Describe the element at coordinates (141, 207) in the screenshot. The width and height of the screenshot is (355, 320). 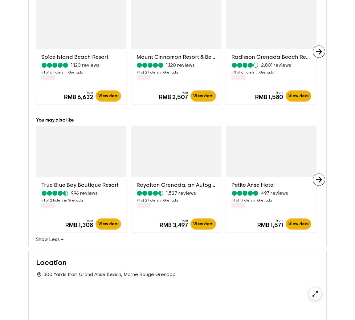
I see `'2'` at that location.